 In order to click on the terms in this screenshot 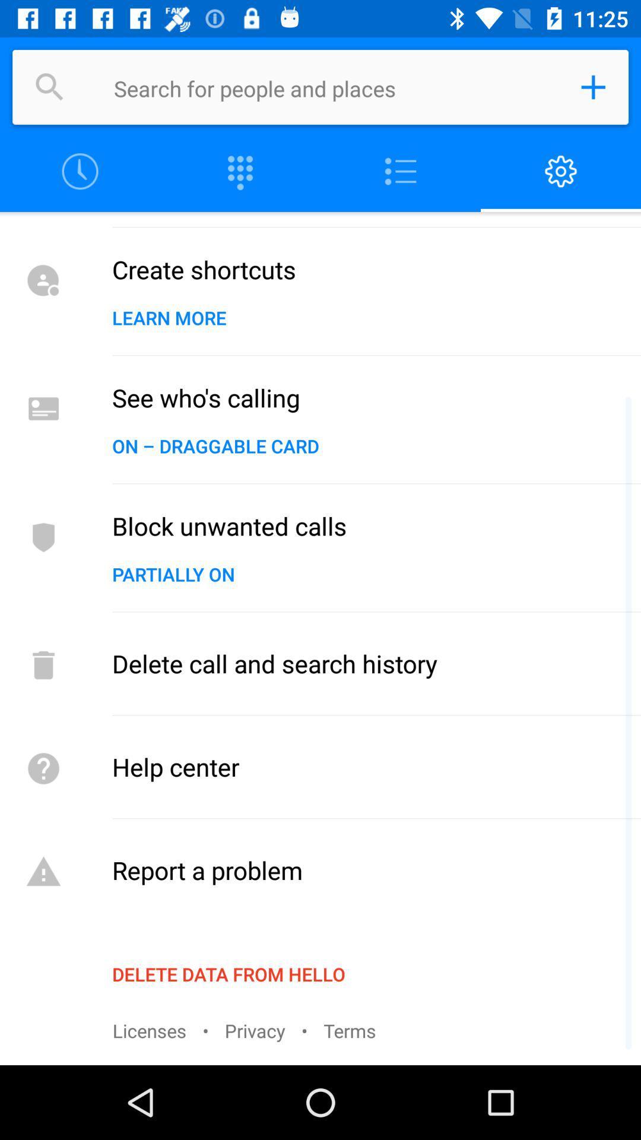, I will do `click(349, 1030)`.